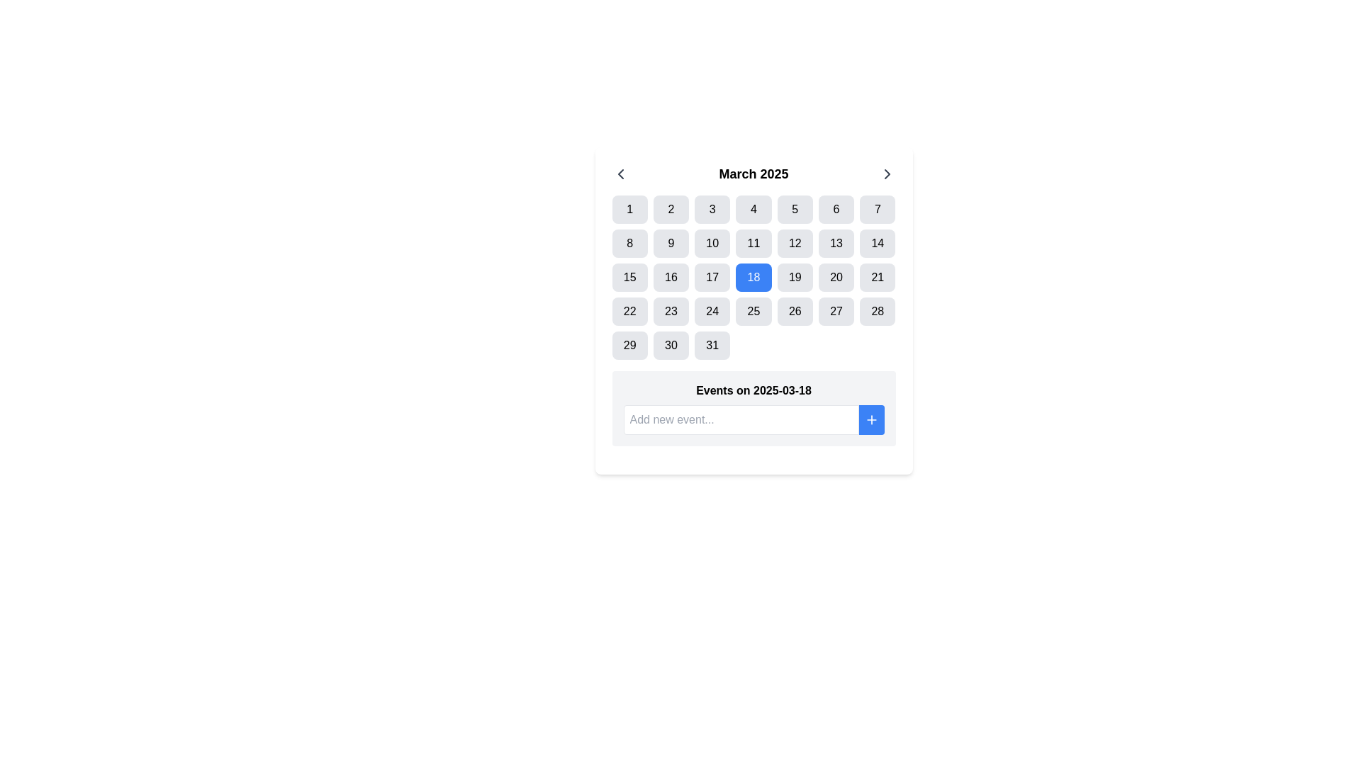  What do you see at coordinates (712, 346) in the screenshot?
I see `the selectable day button located in the last row and last column of the calendar grid` at bounding box center [712, 346].